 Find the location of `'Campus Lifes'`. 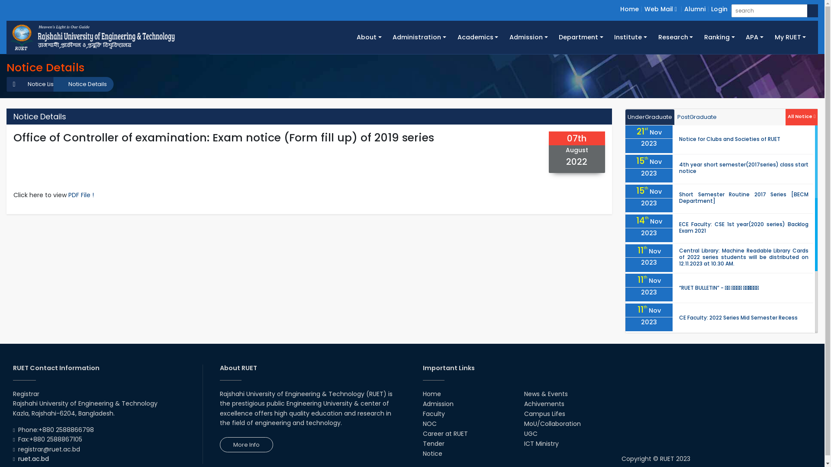

'Campus Lifes' is located at coordinates (544, 413).